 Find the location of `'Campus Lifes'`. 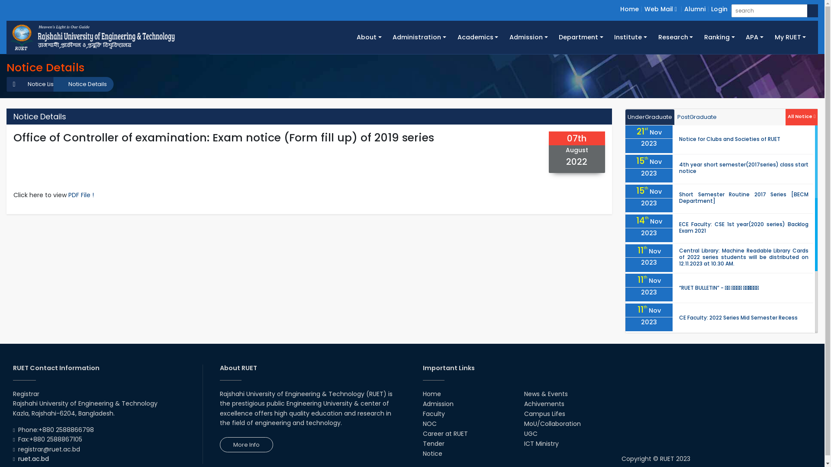

'Campus Lifes' is located at coordinates (544, 413).